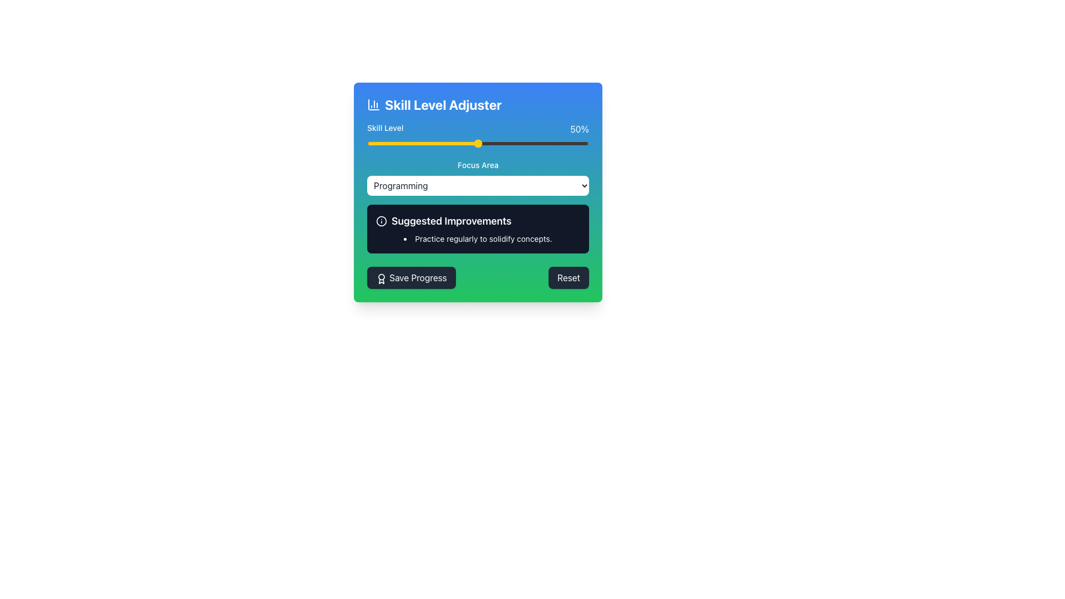  I want to click on the 'Save Progress' button, which is a rounded rectangular button with a white label and a dark gray background, located at the bottom-left corner of the component area, so click(410, 277).